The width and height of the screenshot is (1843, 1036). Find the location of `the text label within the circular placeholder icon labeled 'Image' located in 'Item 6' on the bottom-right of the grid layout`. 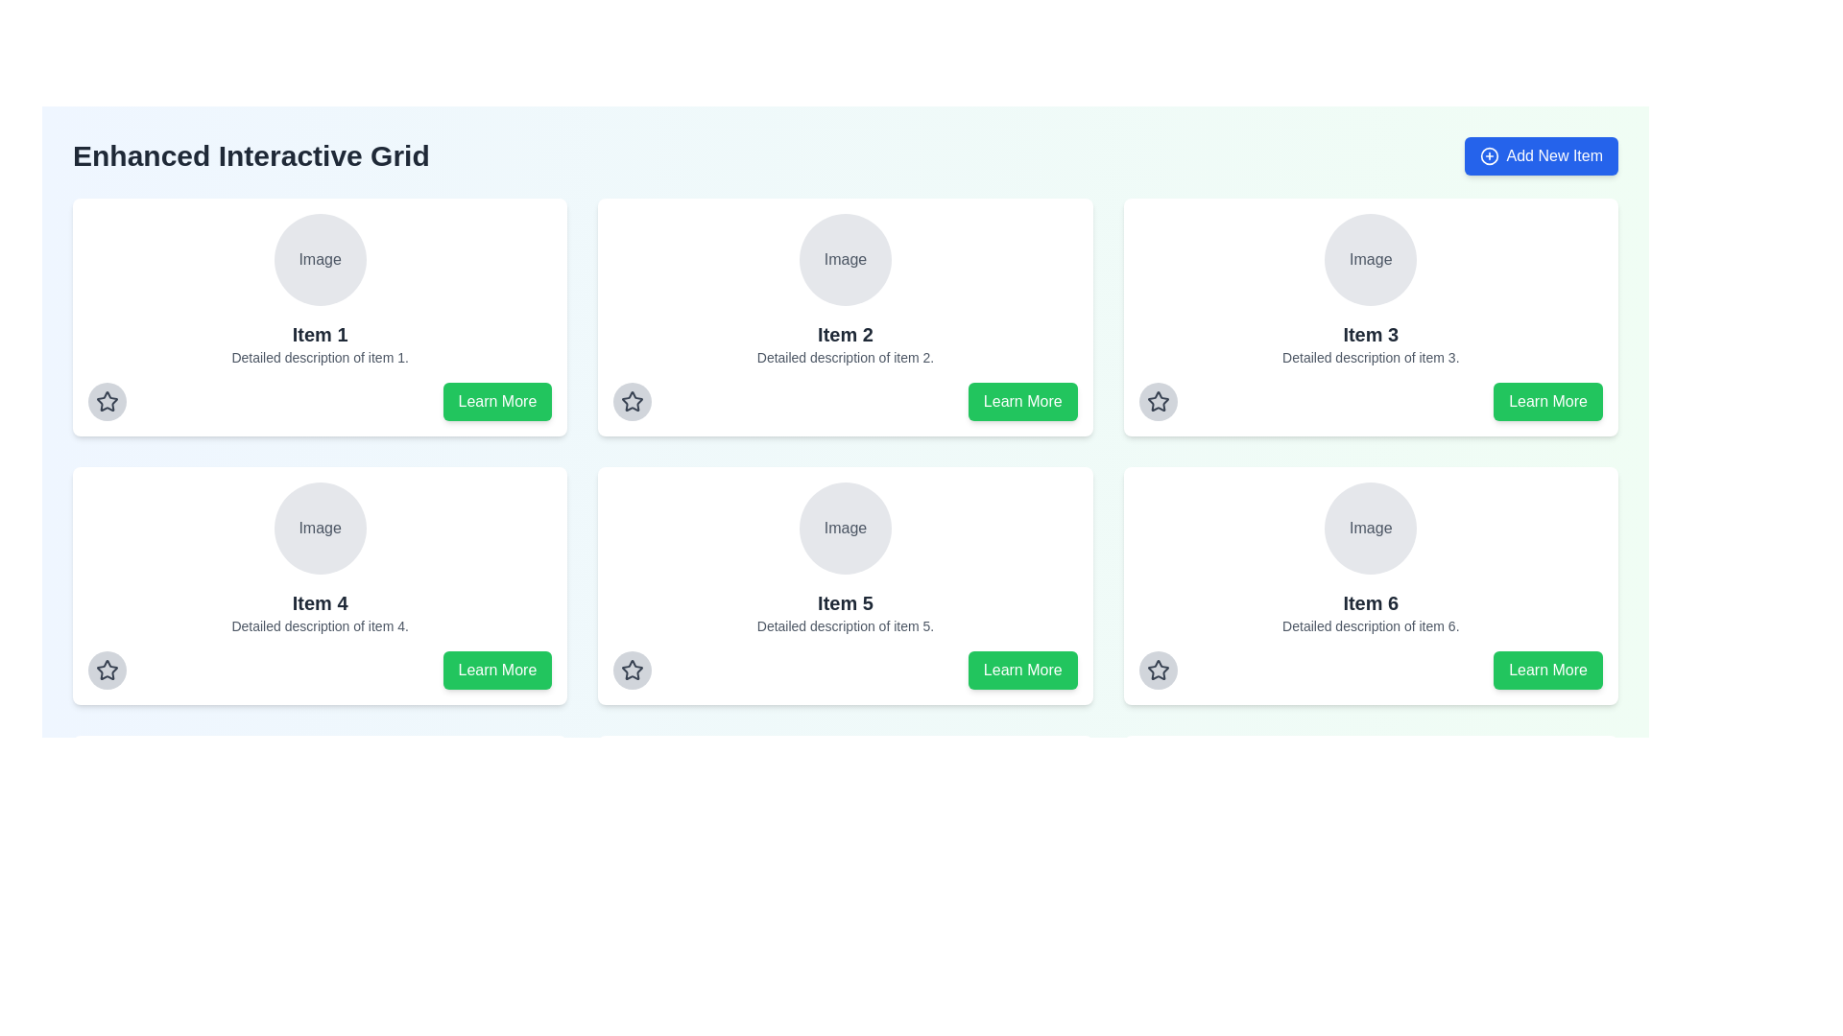

the text label within the circular placeholder icon labeled 'Image' located in 'Item 6' on the bottom-right of the grid layout is located at coordinates (1370, 529).